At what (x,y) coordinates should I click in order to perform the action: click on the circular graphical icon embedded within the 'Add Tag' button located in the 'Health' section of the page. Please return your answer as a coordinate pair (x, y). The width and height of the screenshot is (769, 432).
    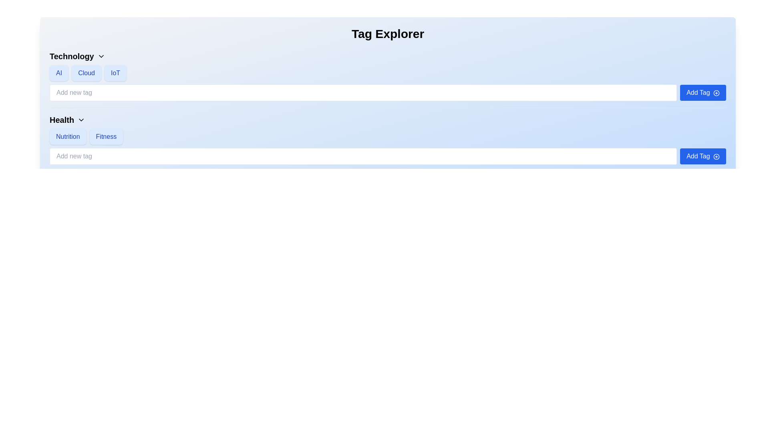
    Looking at the image, I should click on (717, 156).